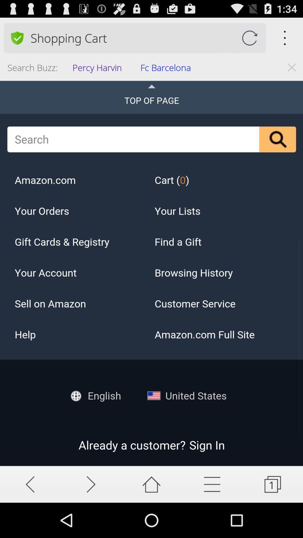 The height and width of the screenshot is (538, 303). Describe the element at coordinates (249, 38) in the screenshot. I see `shopping cart` at that location.